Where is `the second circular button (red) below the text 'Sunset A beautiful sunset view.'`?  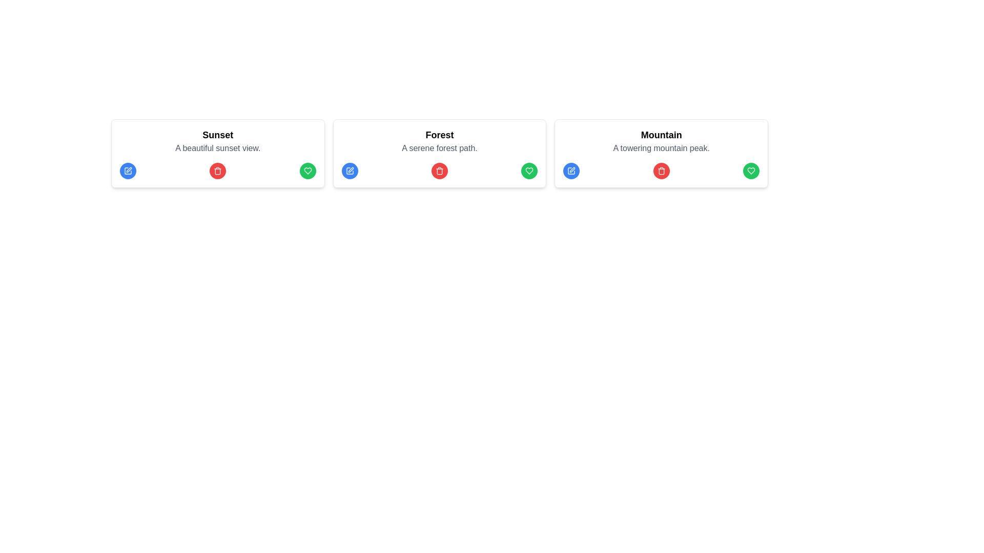 the second circular button (red) below the text 'Sunset A beautiful sunset view.' is located at coordinates (217, 171).